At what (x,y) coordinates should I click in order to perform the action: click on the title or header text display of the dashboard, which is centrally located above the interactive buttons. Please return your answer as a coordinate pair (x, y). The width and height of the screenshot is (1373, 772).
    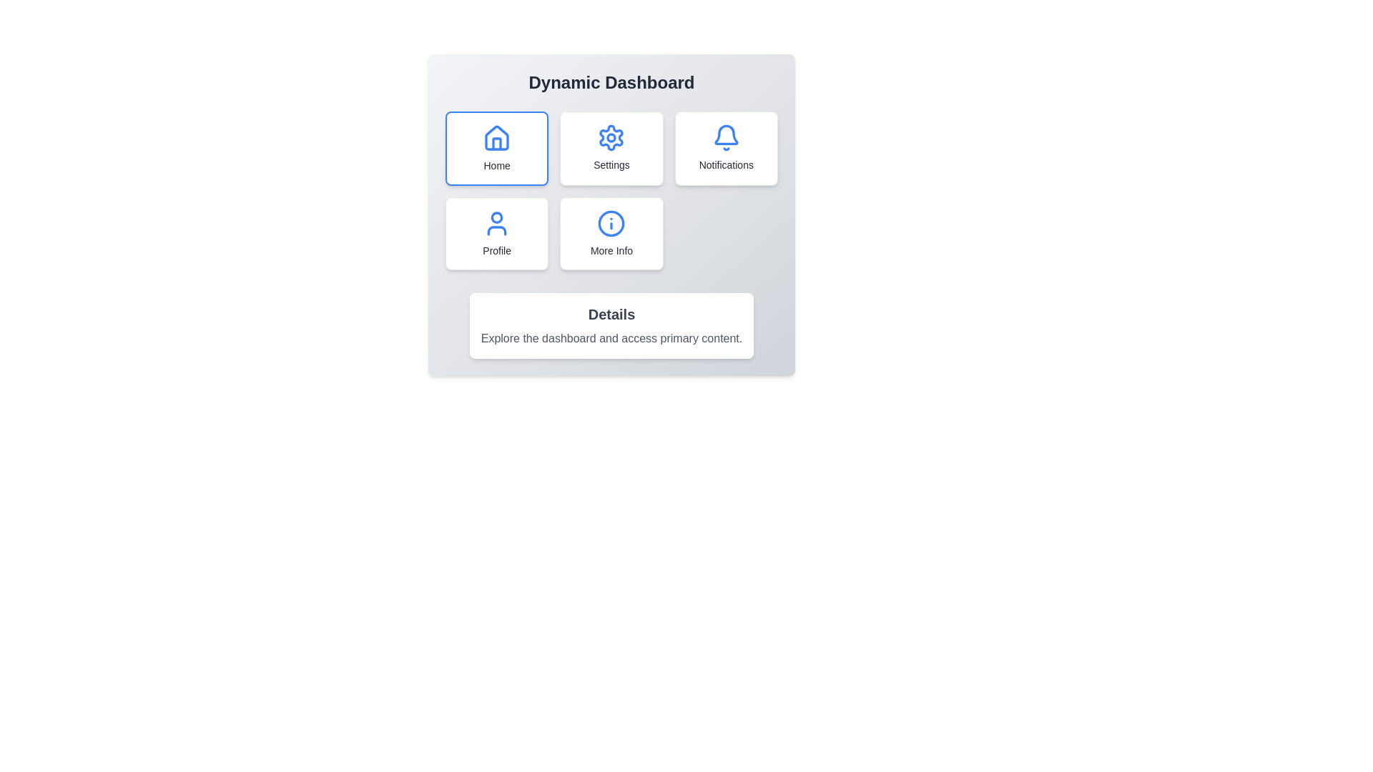
    Looking at the image, I should click on (611, 82).